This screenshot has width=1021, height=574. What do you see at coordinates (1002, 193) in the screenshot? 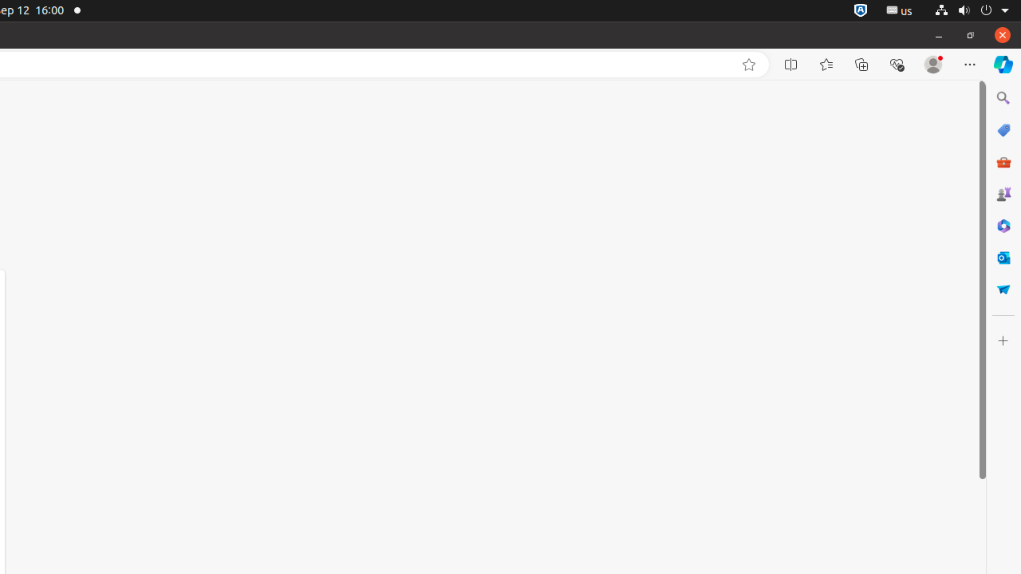
I see `'Games'` at bounding box center [1002, 193].